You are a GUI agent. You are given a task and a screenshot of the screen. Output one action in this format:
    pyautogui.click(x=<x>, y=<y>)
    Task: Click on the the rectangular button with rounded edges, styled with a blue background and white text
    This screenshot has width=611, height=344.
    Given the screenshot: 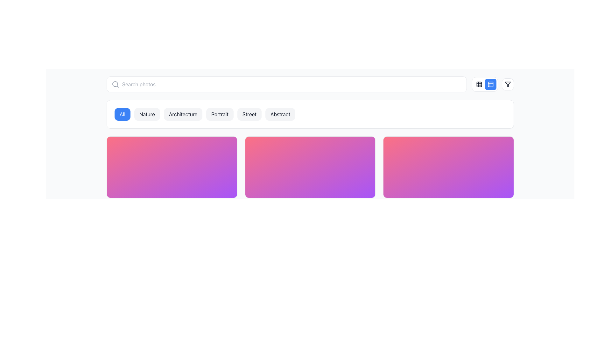 What is the action you would take?
    pyautogui.click(x=484, y=84)
    